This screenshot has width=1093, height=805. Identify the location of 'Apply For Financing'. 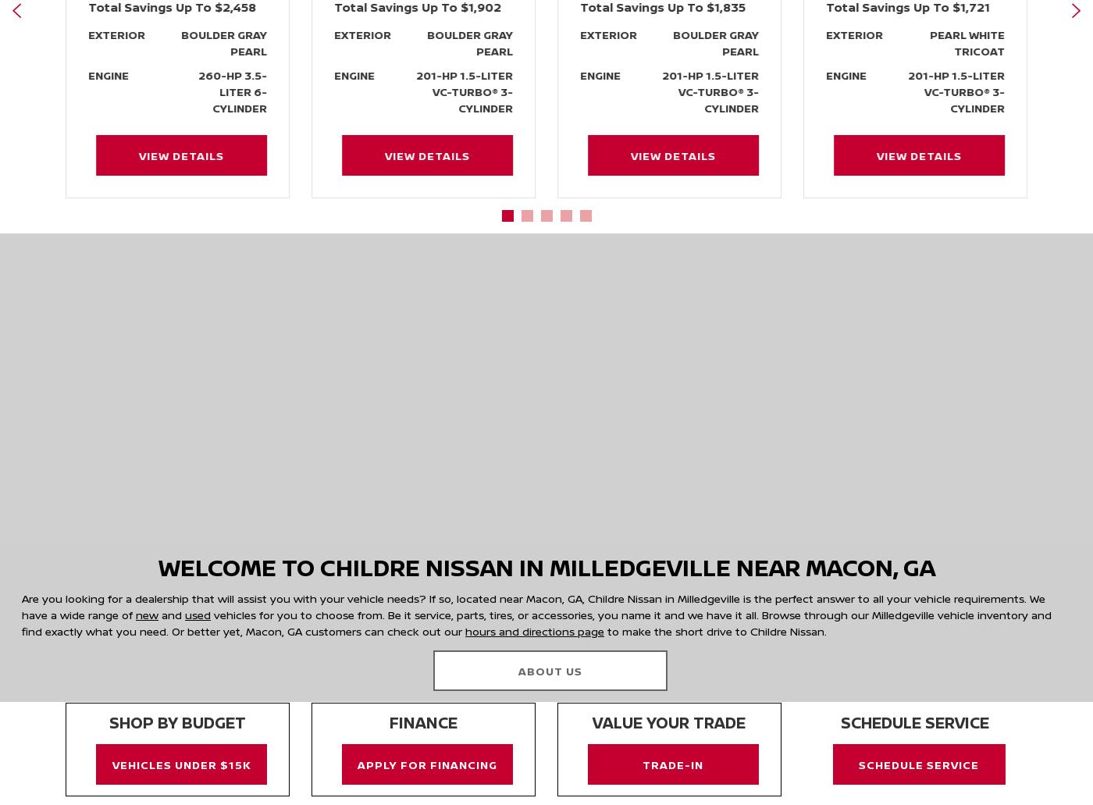
(426, 762).